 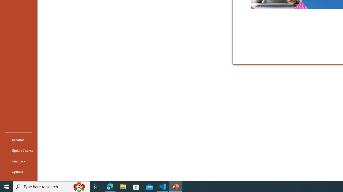 I want to click on 'Options', so click(x=18, y=172).